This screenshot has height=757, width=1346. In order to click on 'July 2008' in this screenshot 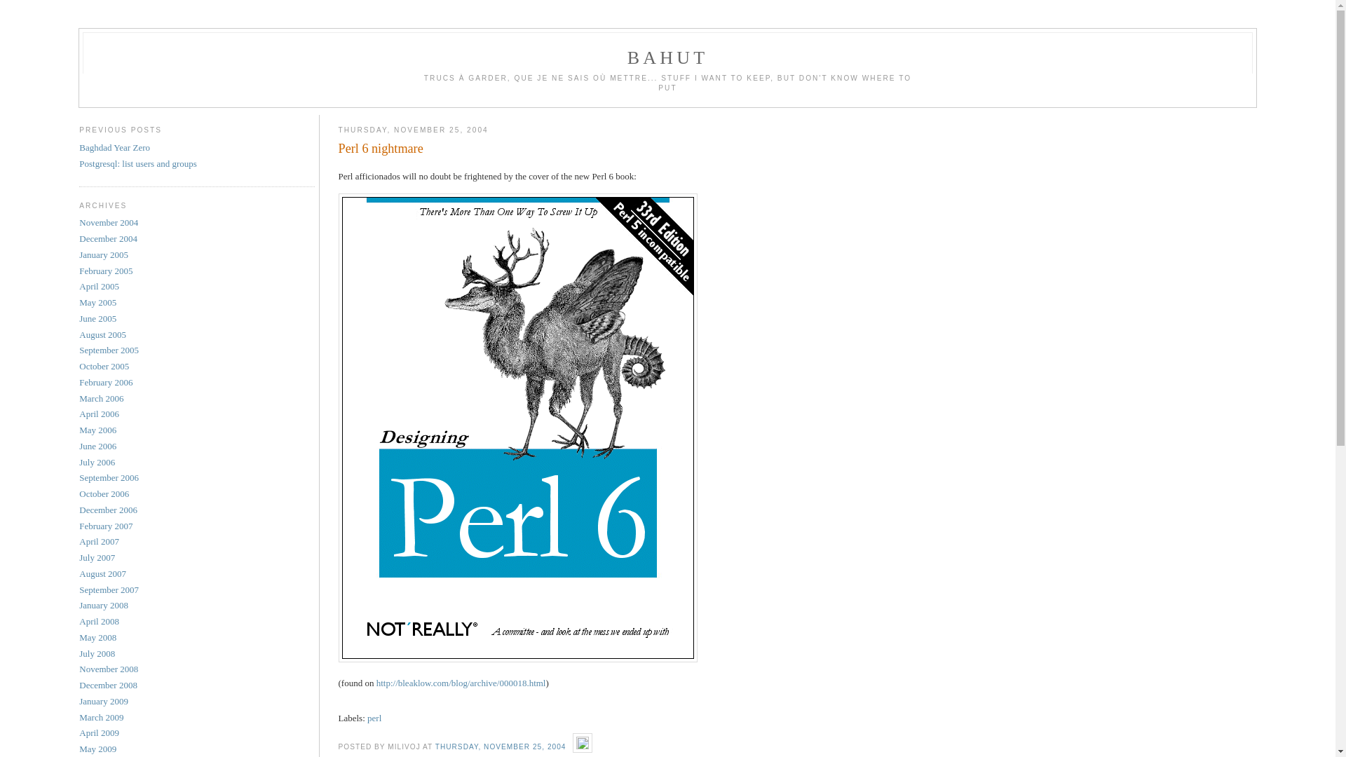, I will do `click(96, 653)`.